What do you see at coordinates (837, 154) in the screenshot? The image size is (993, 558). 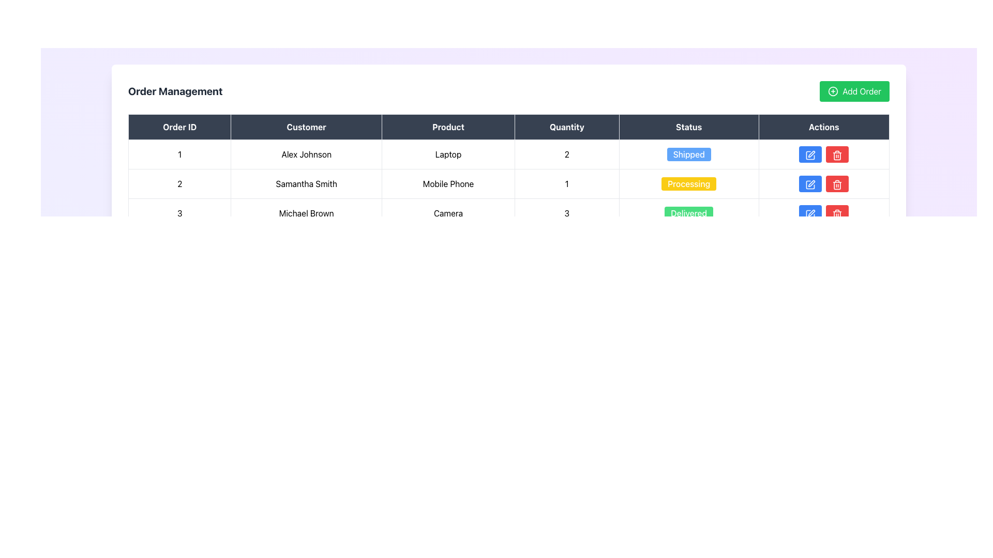 I see `the red rectangular button with a white trash can icon located in the 'Actions' column below the 'Mobile Phone' order` at bounding box center [837, 154].